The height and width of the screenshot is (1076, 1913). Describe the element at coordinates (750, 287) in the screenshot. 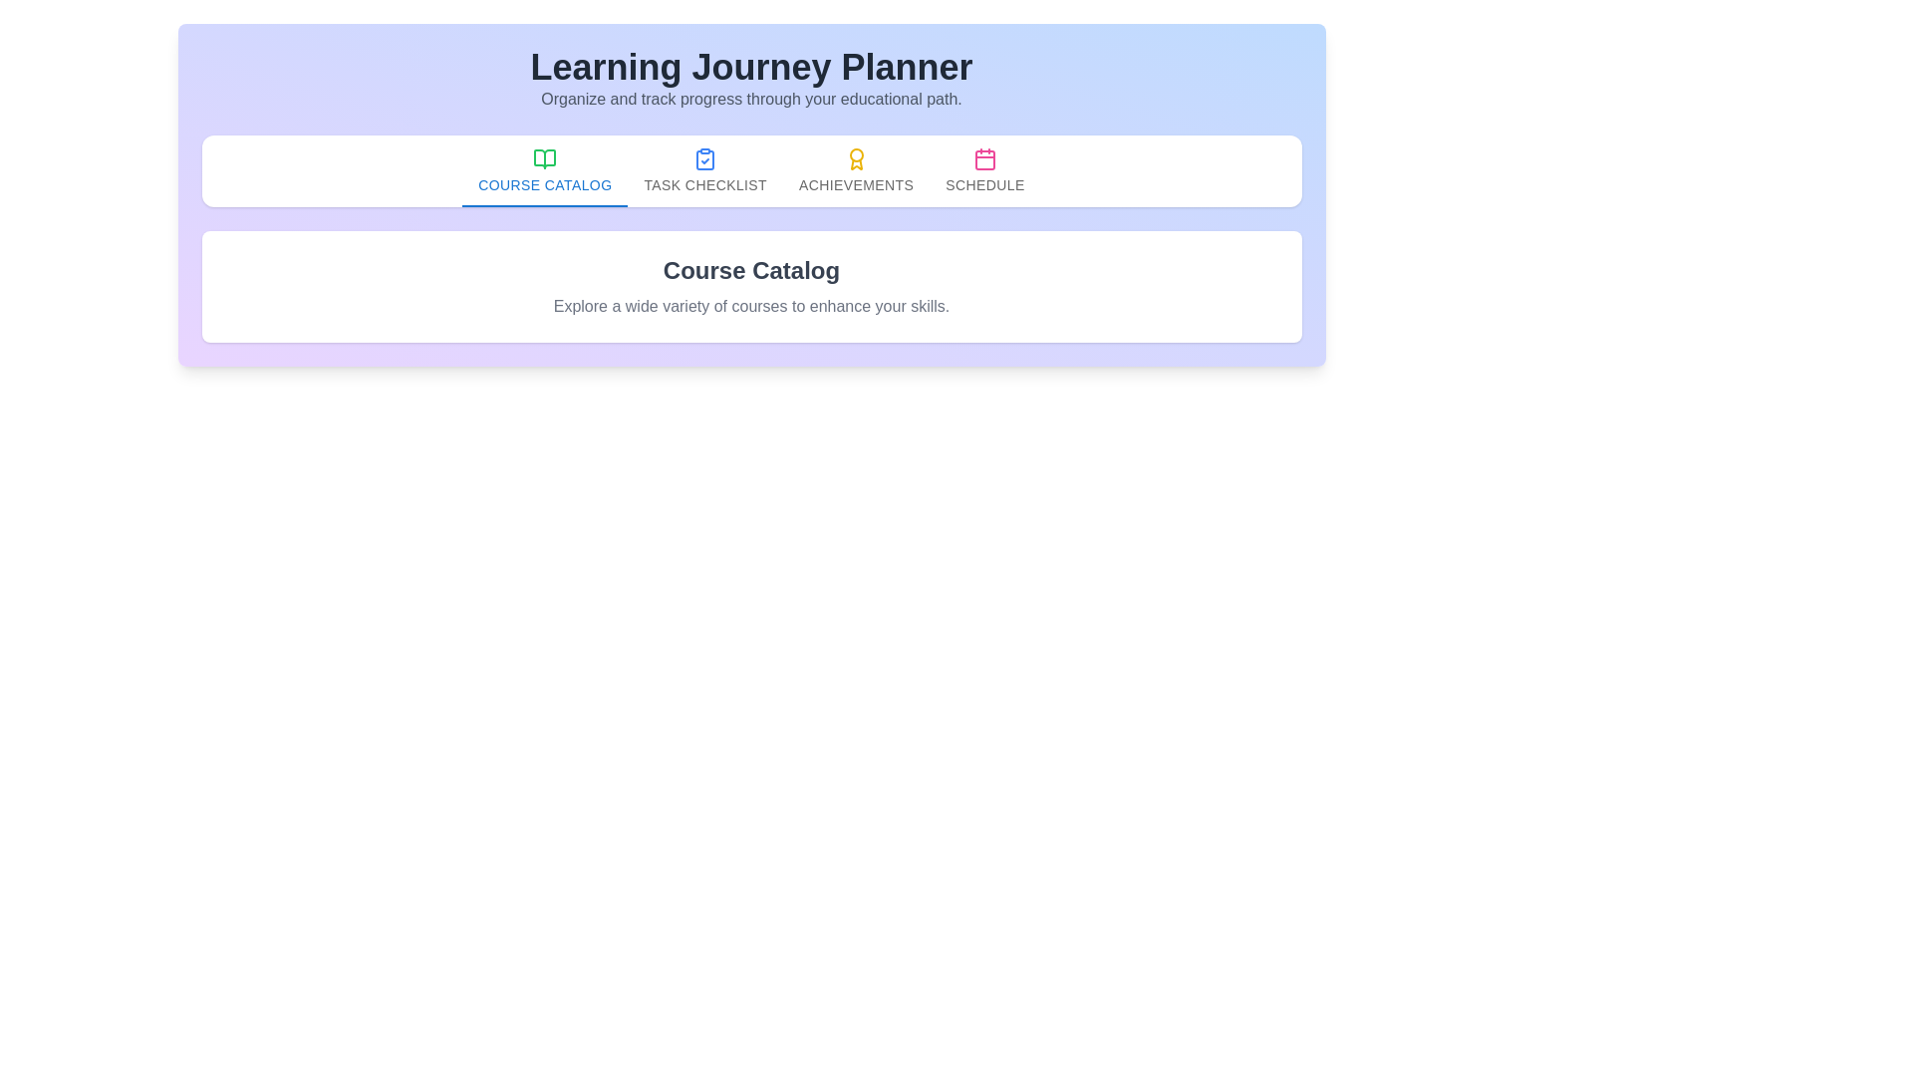

I see `the 'Course Catalog' informational text group to potentially reveal additional tooltips or interactions` at that location.